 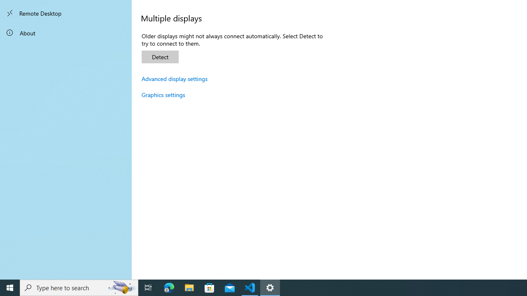 What do you see at coordinates (66, 32) in the screenshot?
I see `'About'` at bounding box center [66, 32].